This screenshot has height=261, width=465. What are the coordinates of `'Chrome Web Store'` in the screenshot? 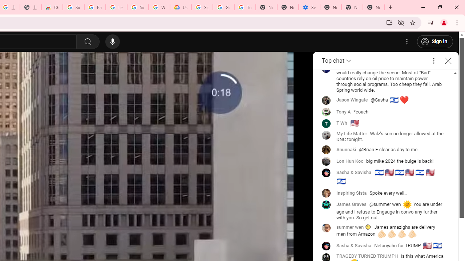 It's located at (52, 7).